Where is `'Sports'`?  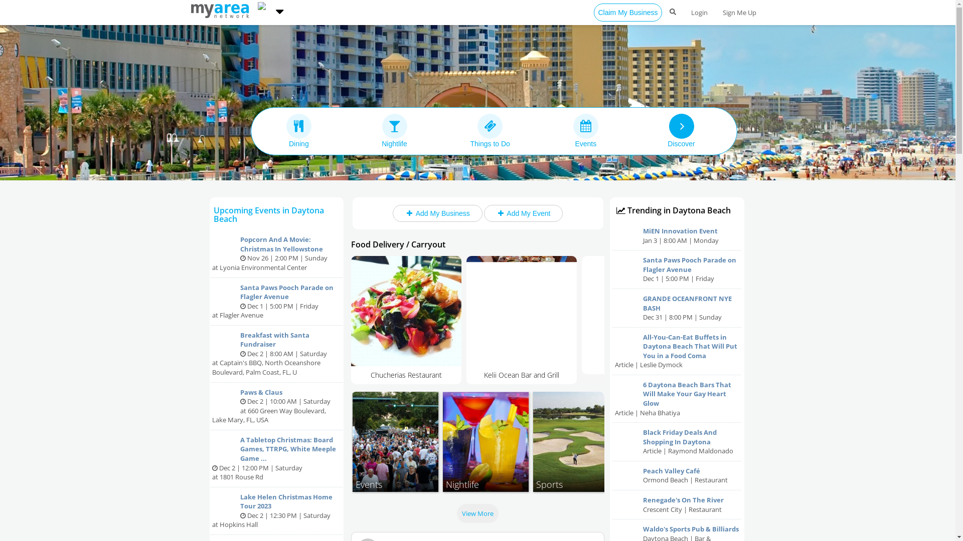
'Sports' is located at coordinates (575, 441).